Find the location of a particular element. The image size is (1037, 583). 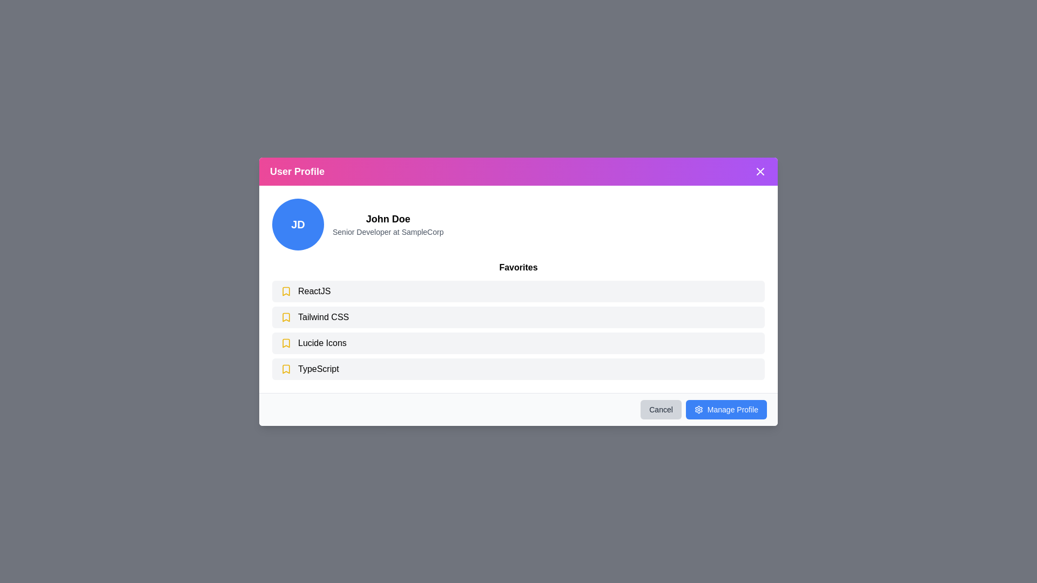

the visual state of the yellow bookmark icon located to the left of the text 'ReactJS' in the topmost row of a vertical list is located at coordinates (286, 290).